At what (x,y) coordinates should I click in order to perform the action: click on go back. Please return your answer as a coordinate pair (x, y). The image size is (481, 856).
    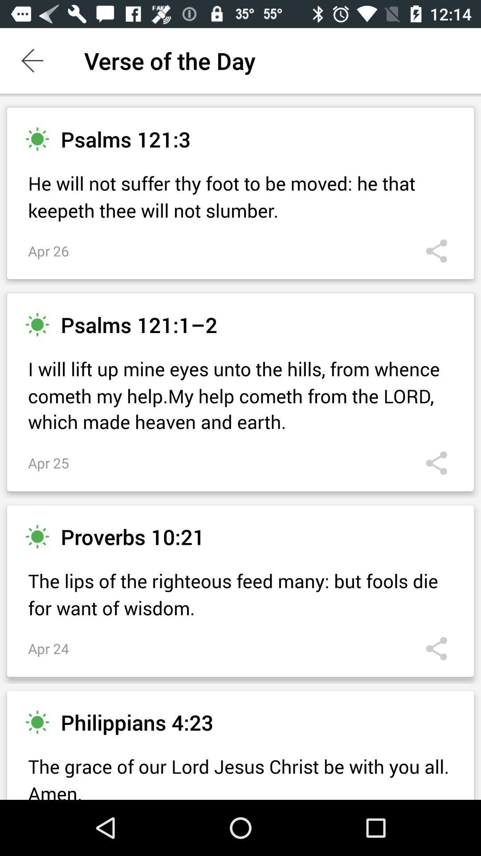
    Looking at the image, I should click on (32, 60).